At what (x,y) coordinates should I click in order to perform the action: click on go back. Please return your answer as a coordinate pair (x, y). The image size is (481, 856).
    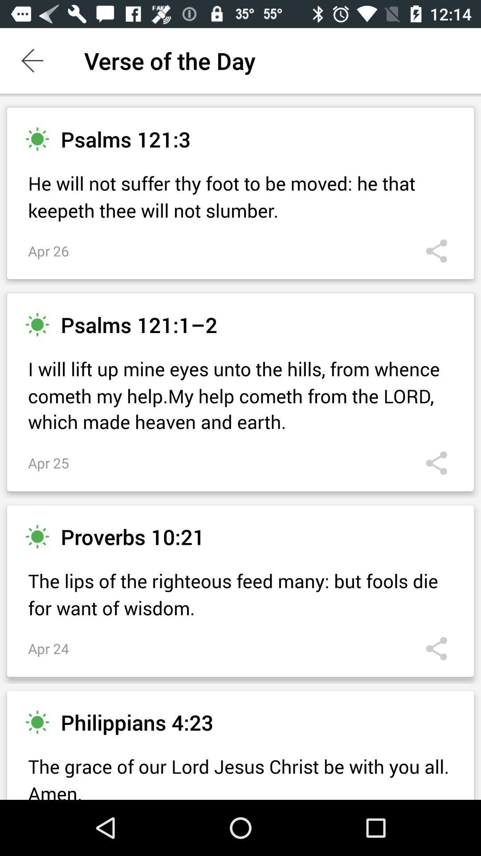
    Looking at the image, I should click on (32, 60).